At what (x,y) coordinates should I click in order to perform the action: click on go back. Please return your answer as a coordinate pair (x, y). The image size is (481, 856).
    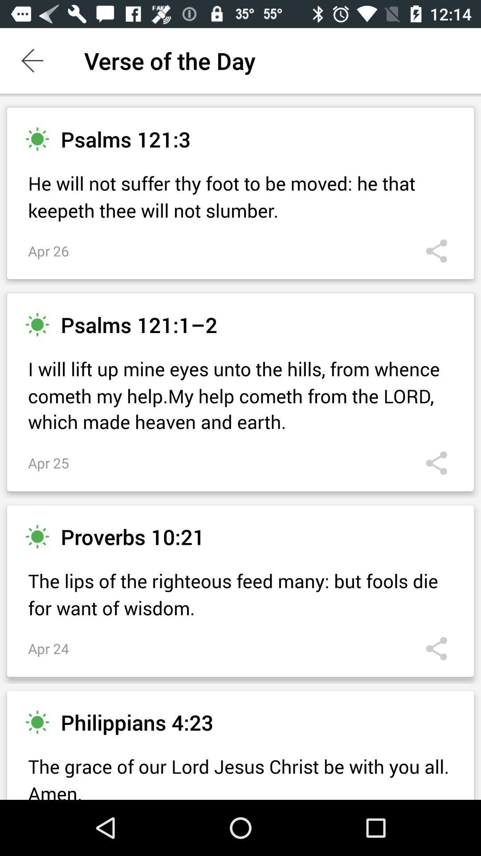
    Looking at the image, I should click on (32, 60).